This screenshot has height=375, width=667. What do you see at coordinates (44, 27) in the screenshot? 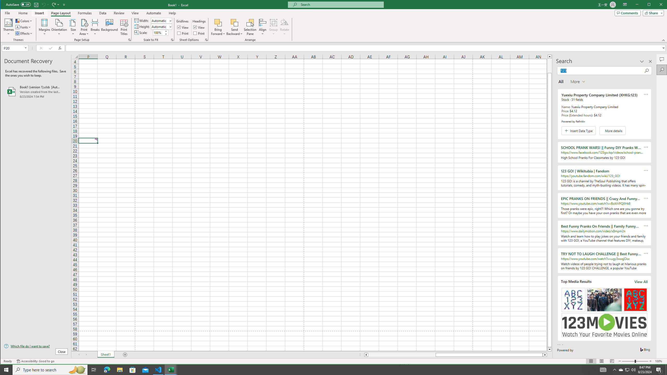
I see `'Margins'` at bounding box center [44, 27].